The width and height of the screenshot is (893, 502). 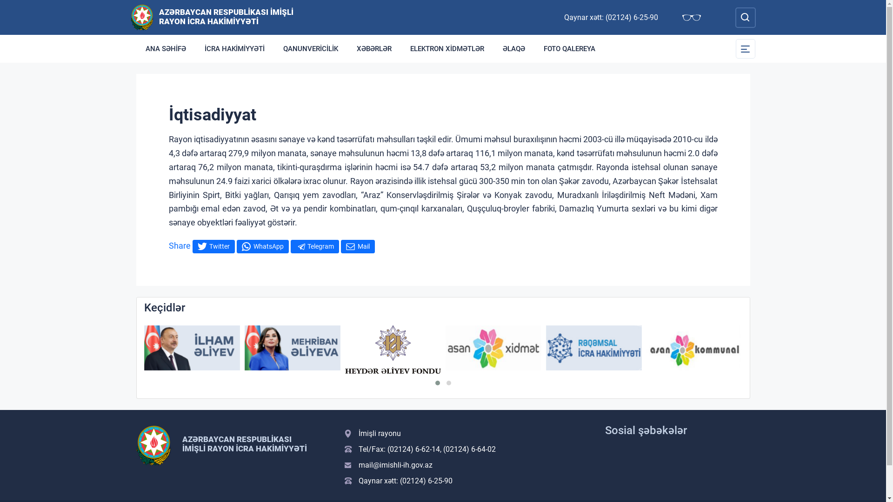 I want to click on 'QANUNVERICILIK', so click(x=310, y=48).